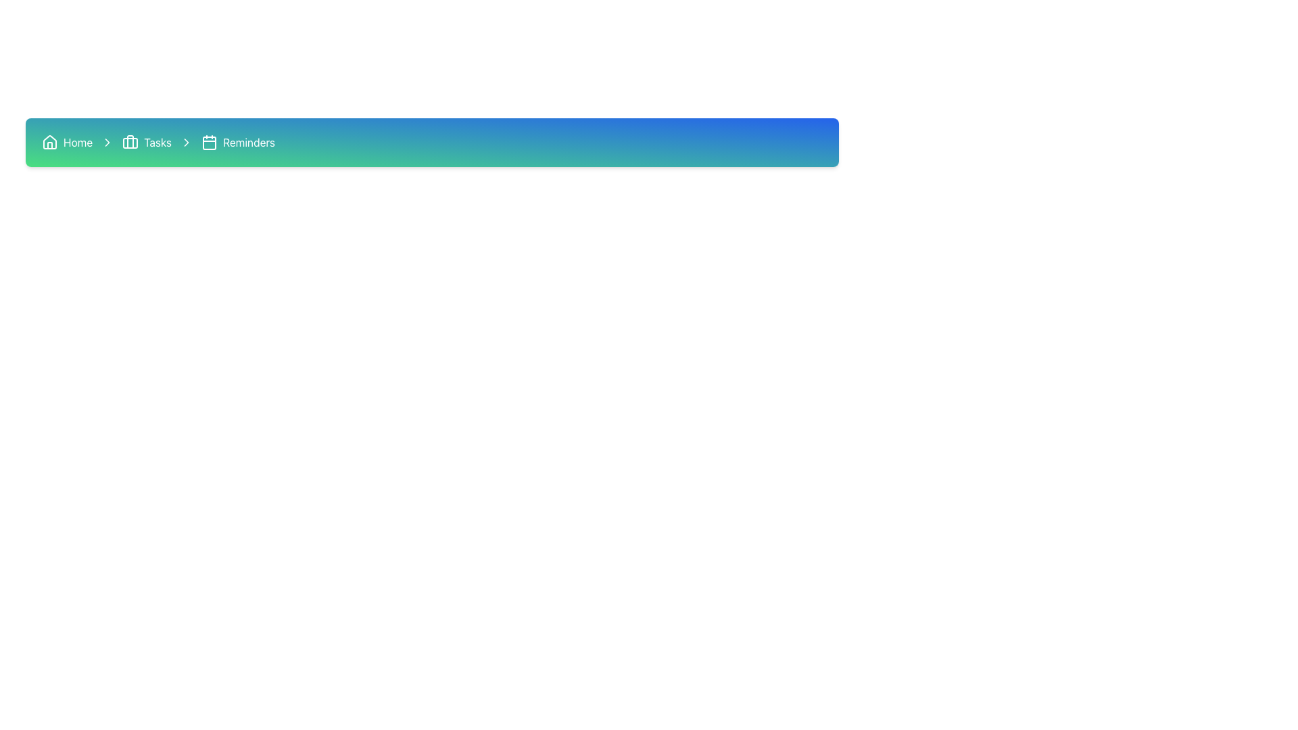  What do you see at coordinates (209, 143) in the screenshot?
I see `the 'Reminders' icon located in the horizontal navigation bar, which is the third icon after the 'Tasks' icon` at bounding box center [209, 143].